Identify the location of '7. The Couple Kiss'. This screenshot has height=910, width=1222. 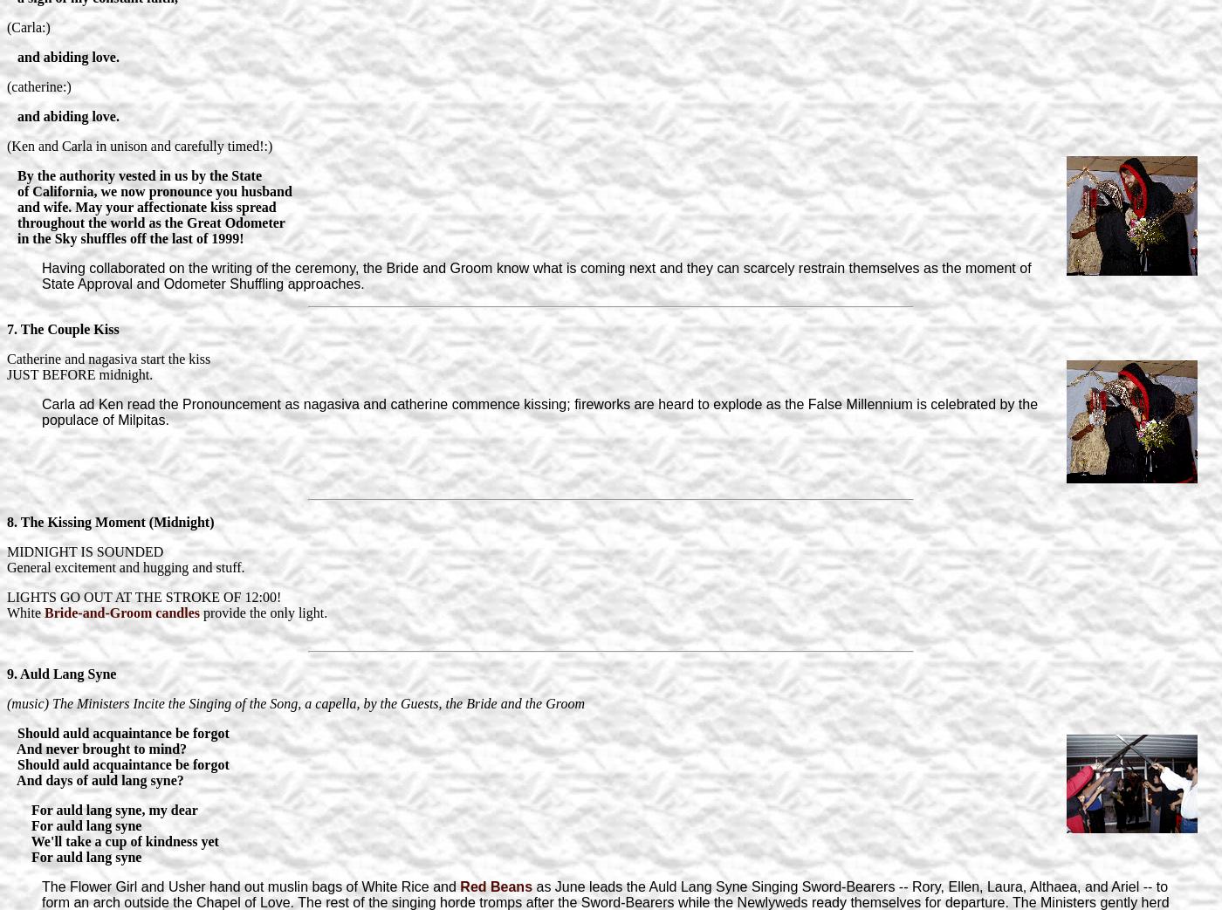
(6, 328).